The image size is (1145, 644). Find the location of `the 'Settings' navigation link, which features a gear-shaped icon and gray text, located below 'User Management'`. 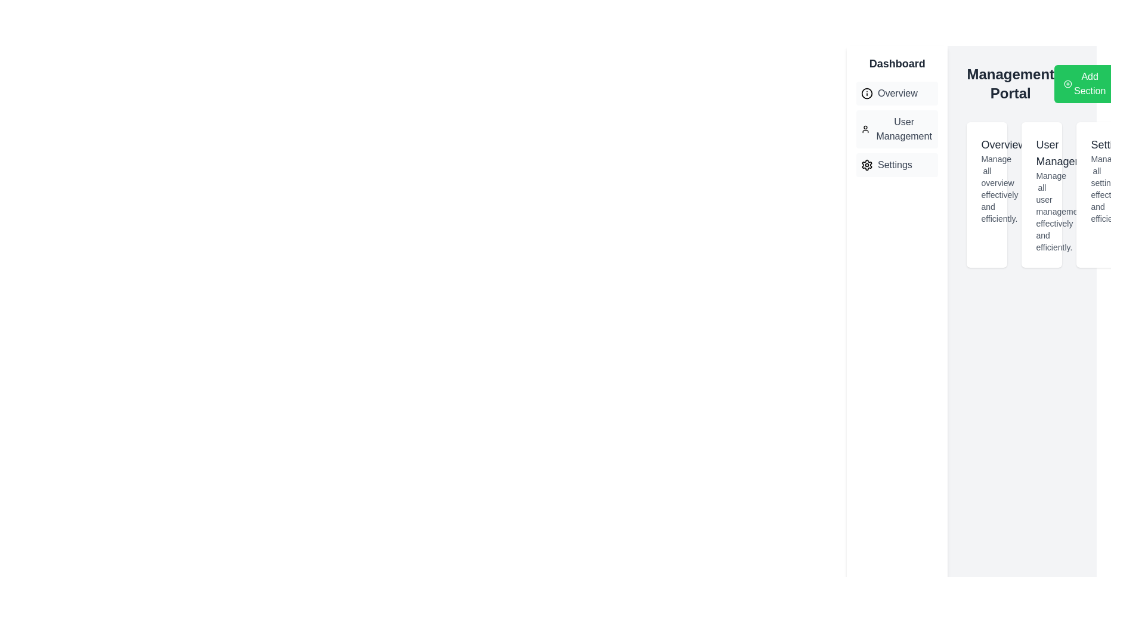

the 'Settings' navigation link, which features a gear-shaped icon and gray text, located below 'User Management' is located at coordinates (897, 165).